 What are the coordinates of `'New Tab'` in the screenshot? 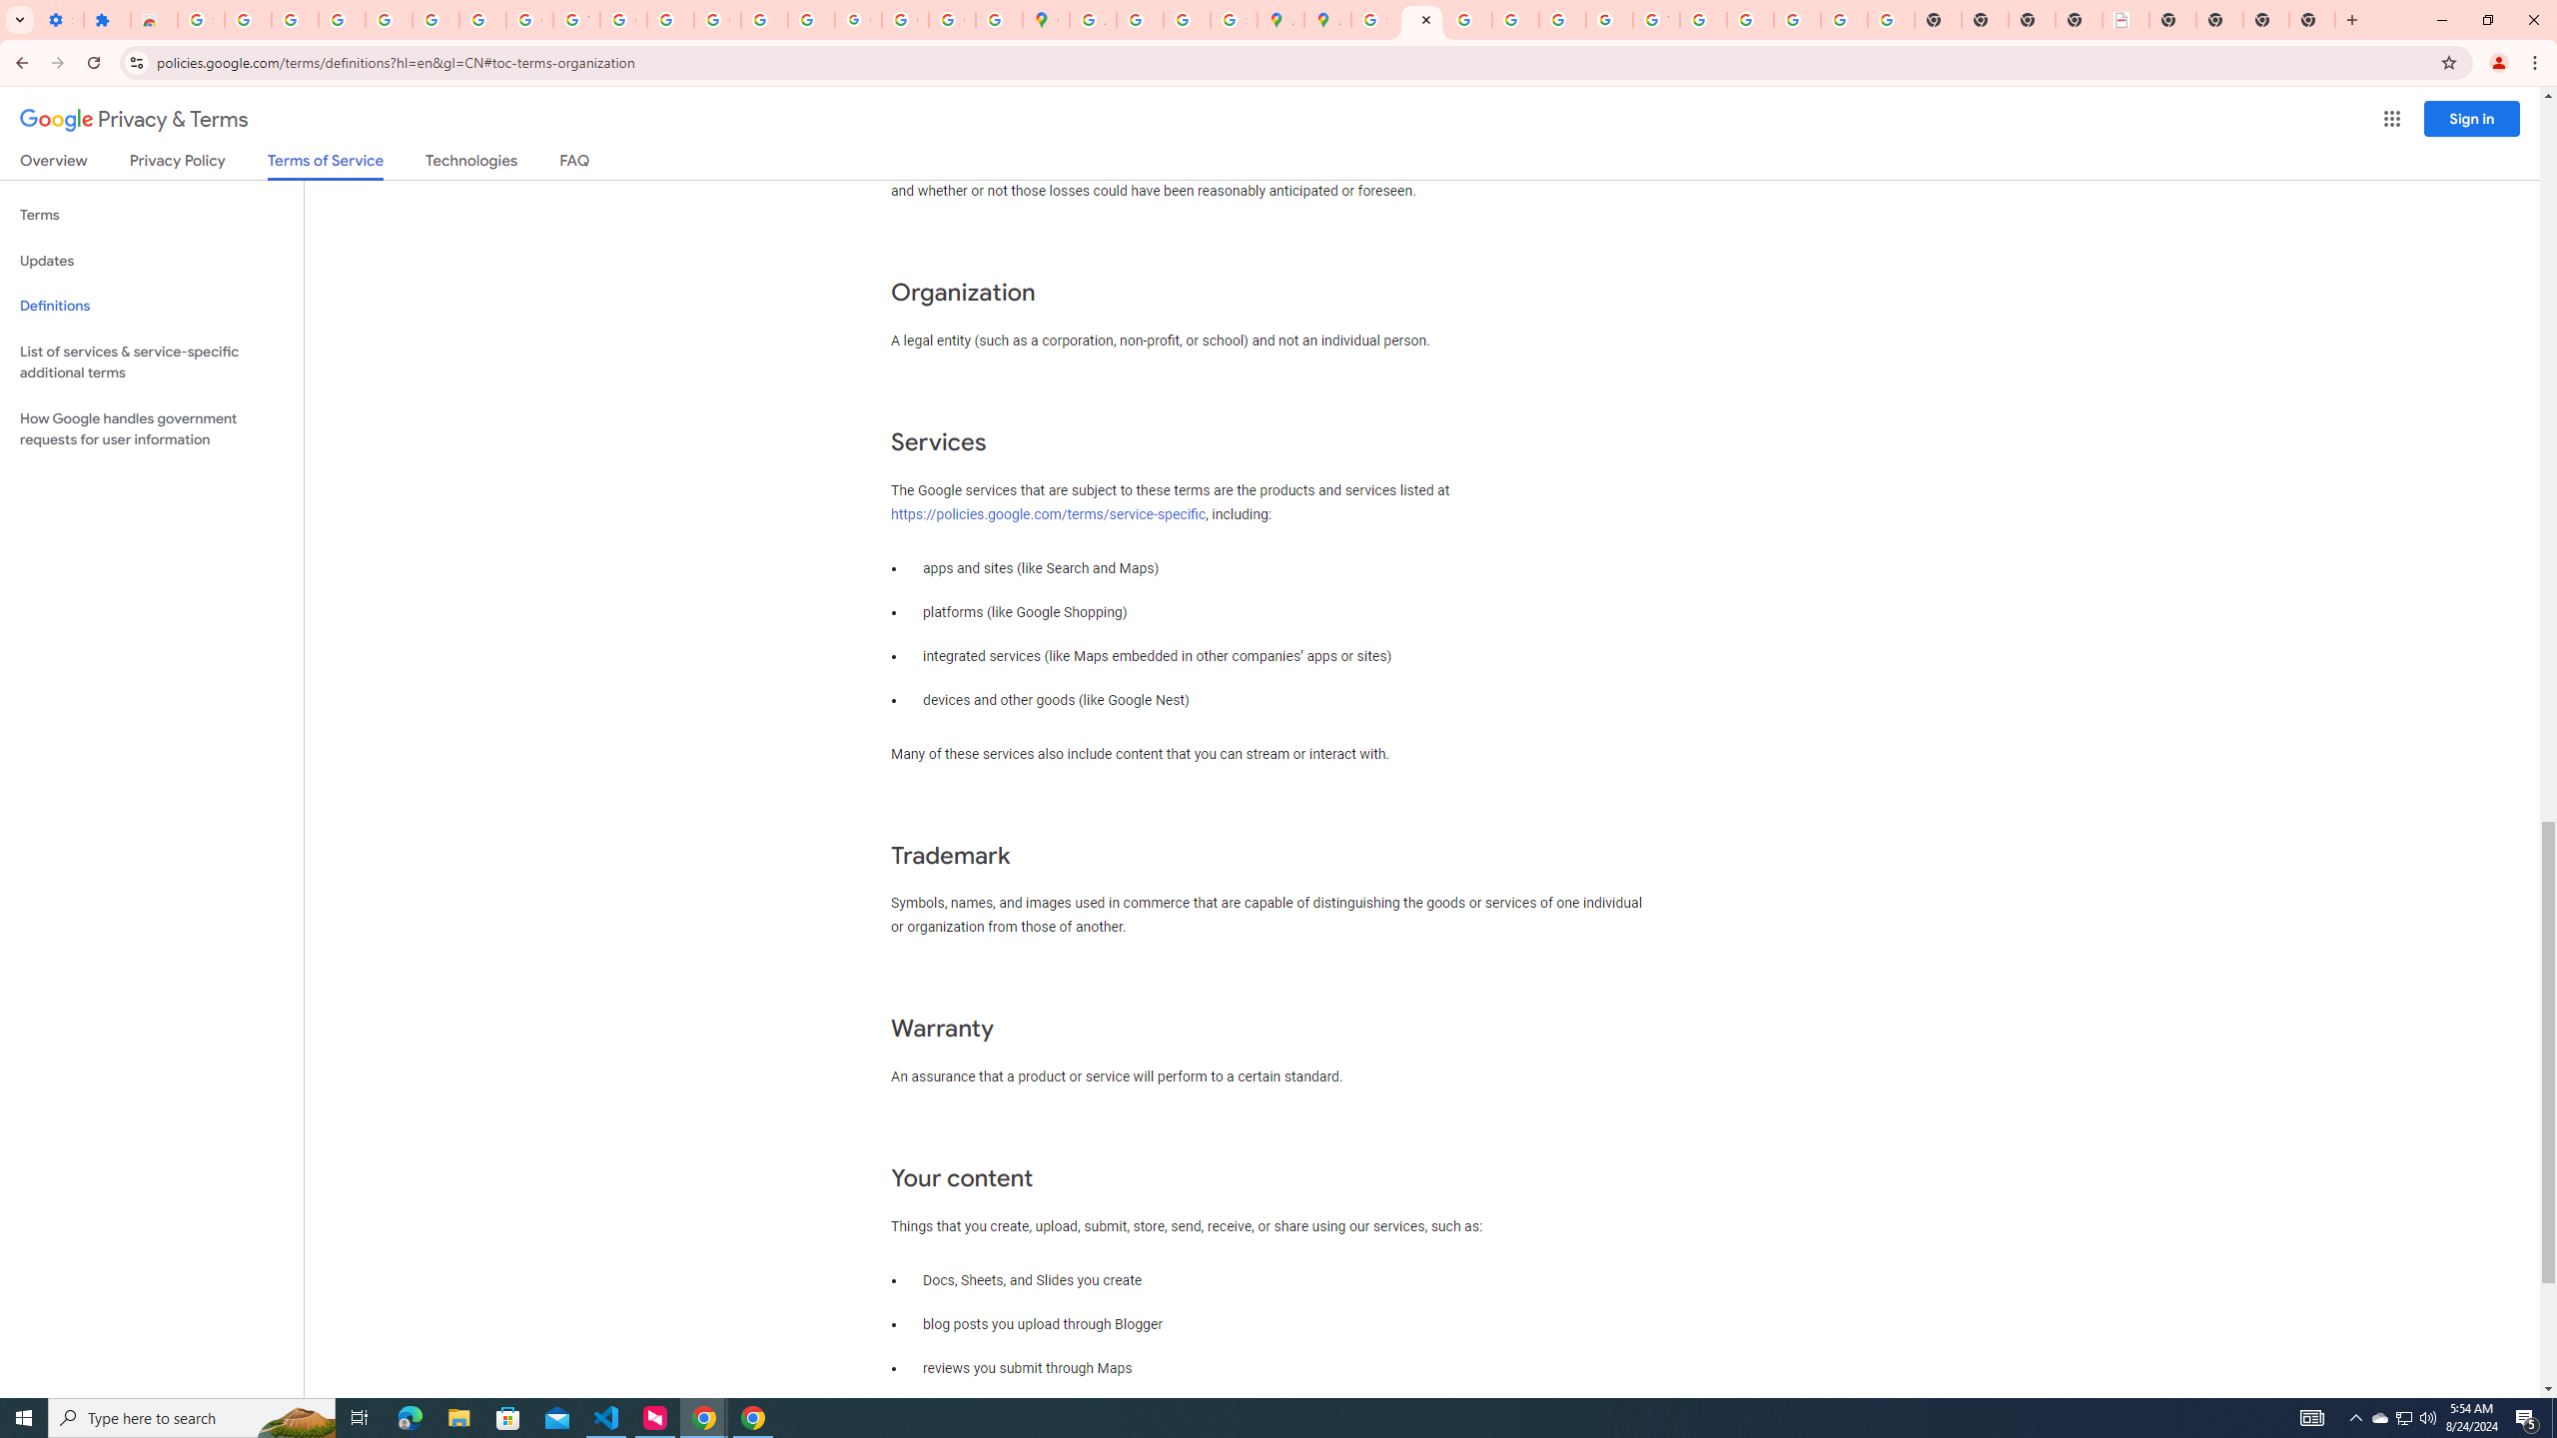 It's located at (2265, 19).